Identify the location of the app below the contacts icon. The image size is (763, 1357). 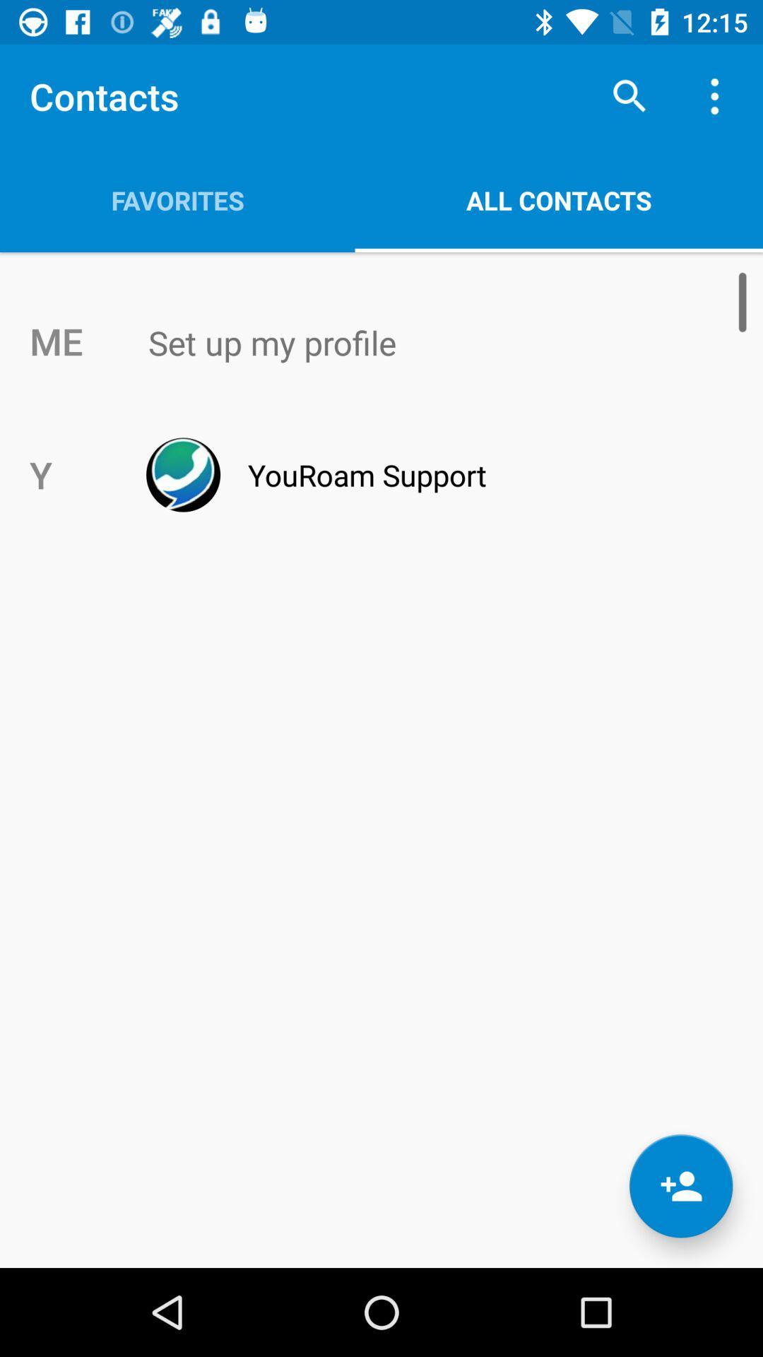
(177, 199).